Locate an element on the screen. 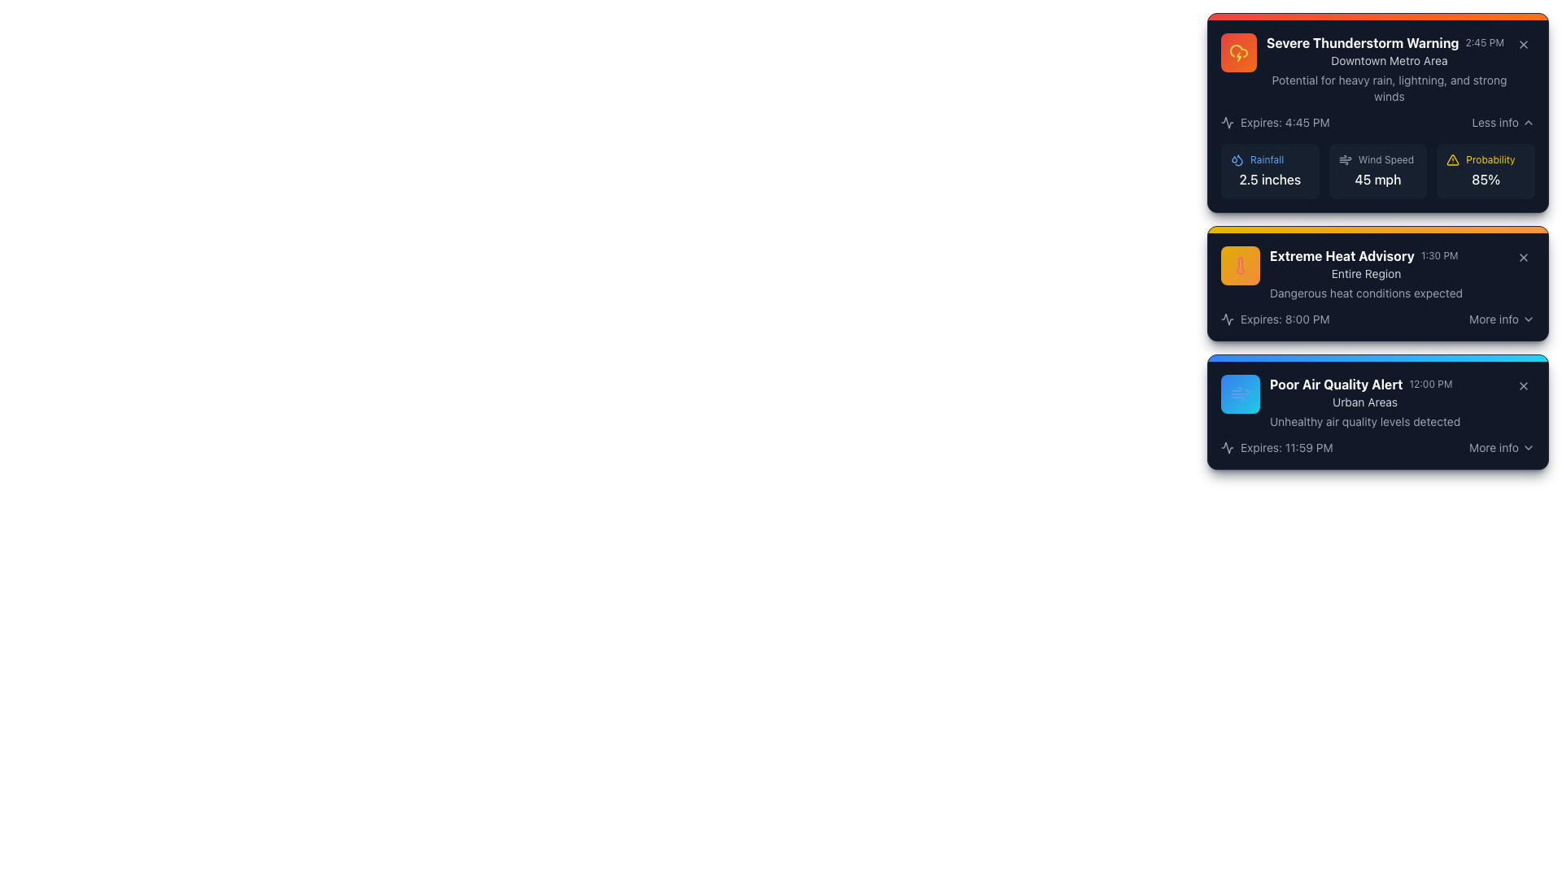  the close button located at the top-right corner of the 'Extreme Heat Advisory' alert card is located at coordinates (1522, 256).